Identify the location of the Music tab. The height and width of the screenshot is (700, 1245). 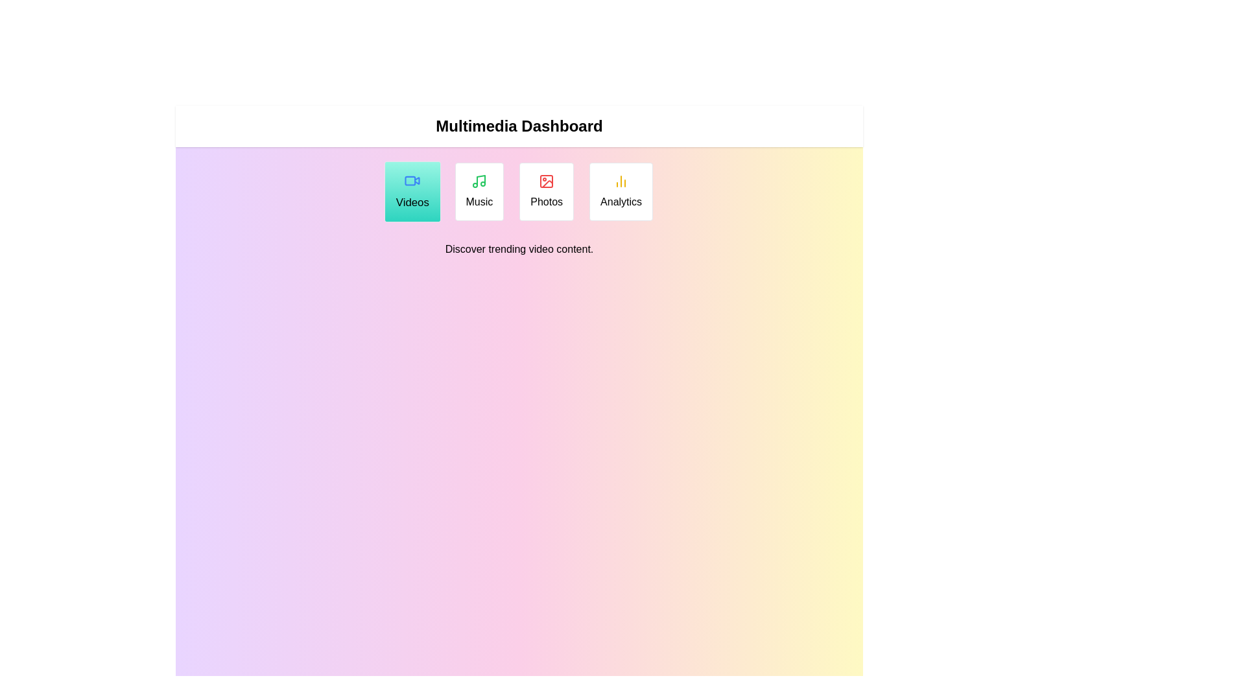
(479, 192).